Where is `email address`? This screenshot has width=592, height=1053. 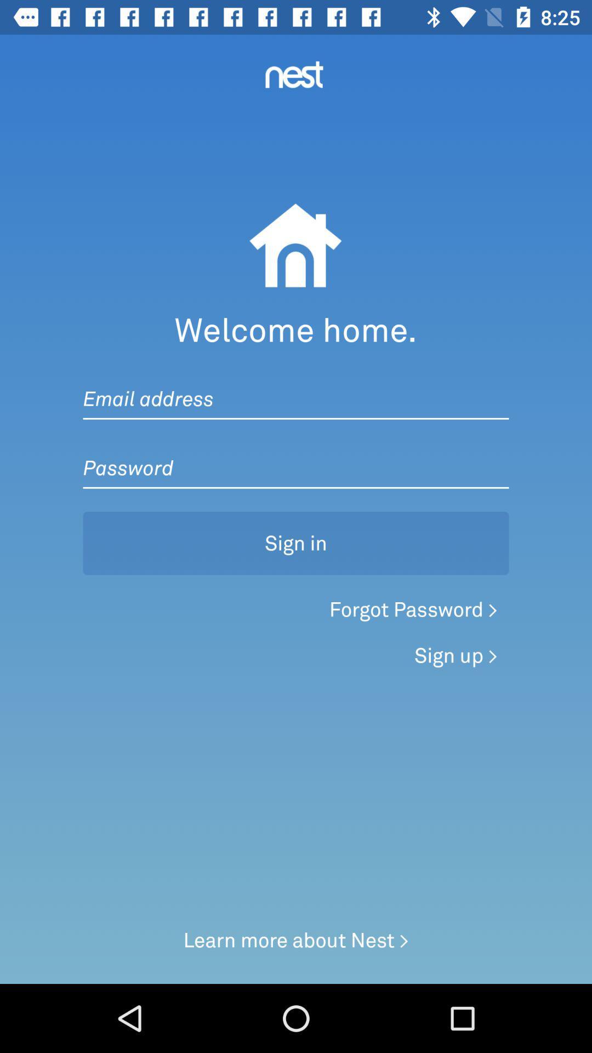 email address is located at coordinates (296, 388).